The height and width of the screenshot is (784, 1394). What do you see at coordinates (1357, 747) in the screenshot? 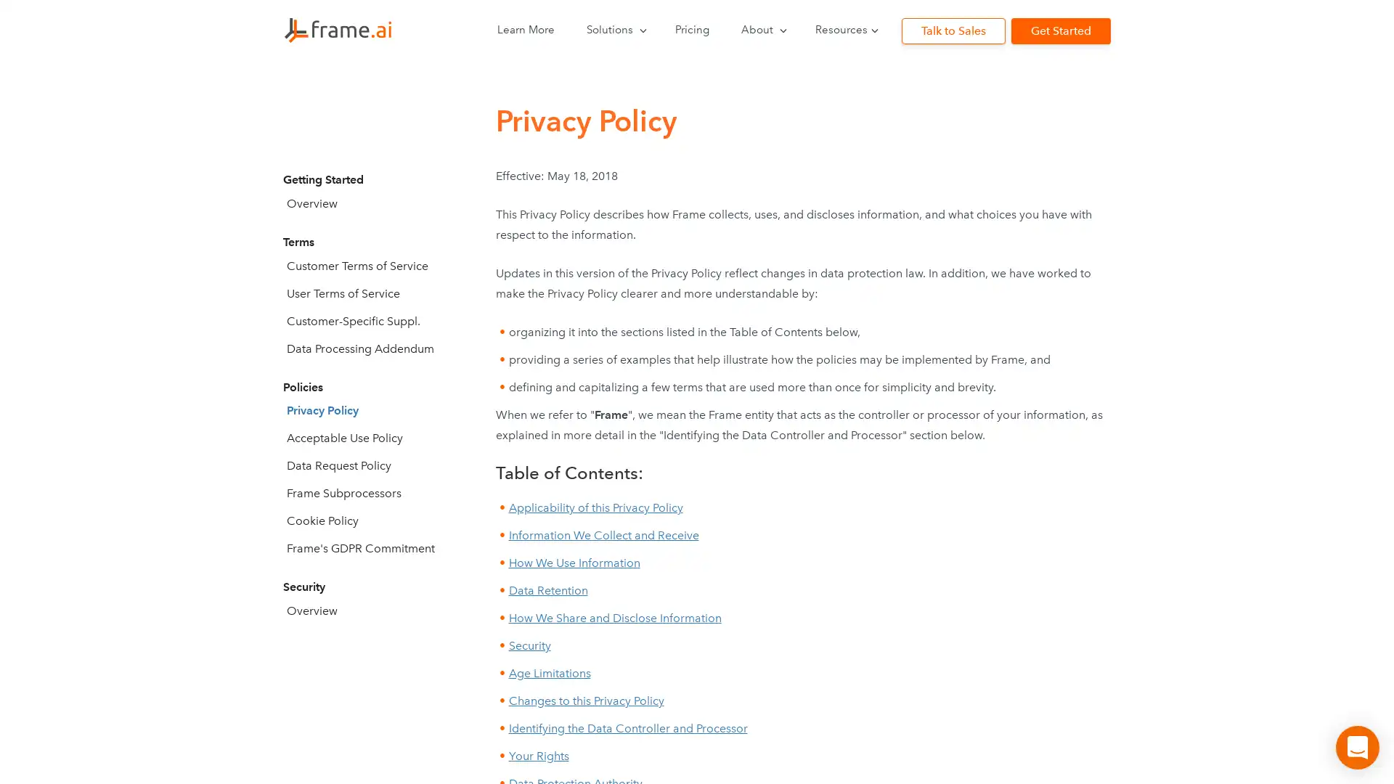
I see `Open Intercom Messenger` at bounding box center [1357, 747].